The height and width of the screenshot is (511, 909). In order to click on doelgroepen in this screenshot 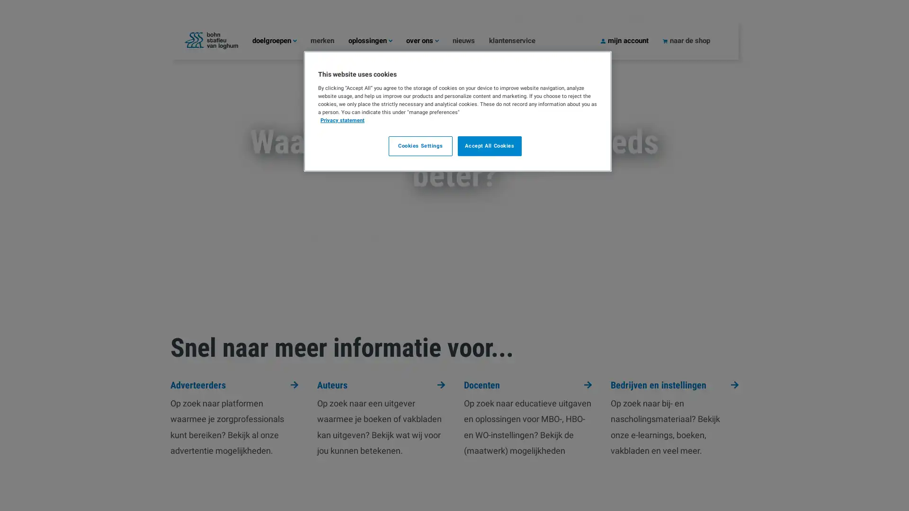, I will do `click(281, 40)`.